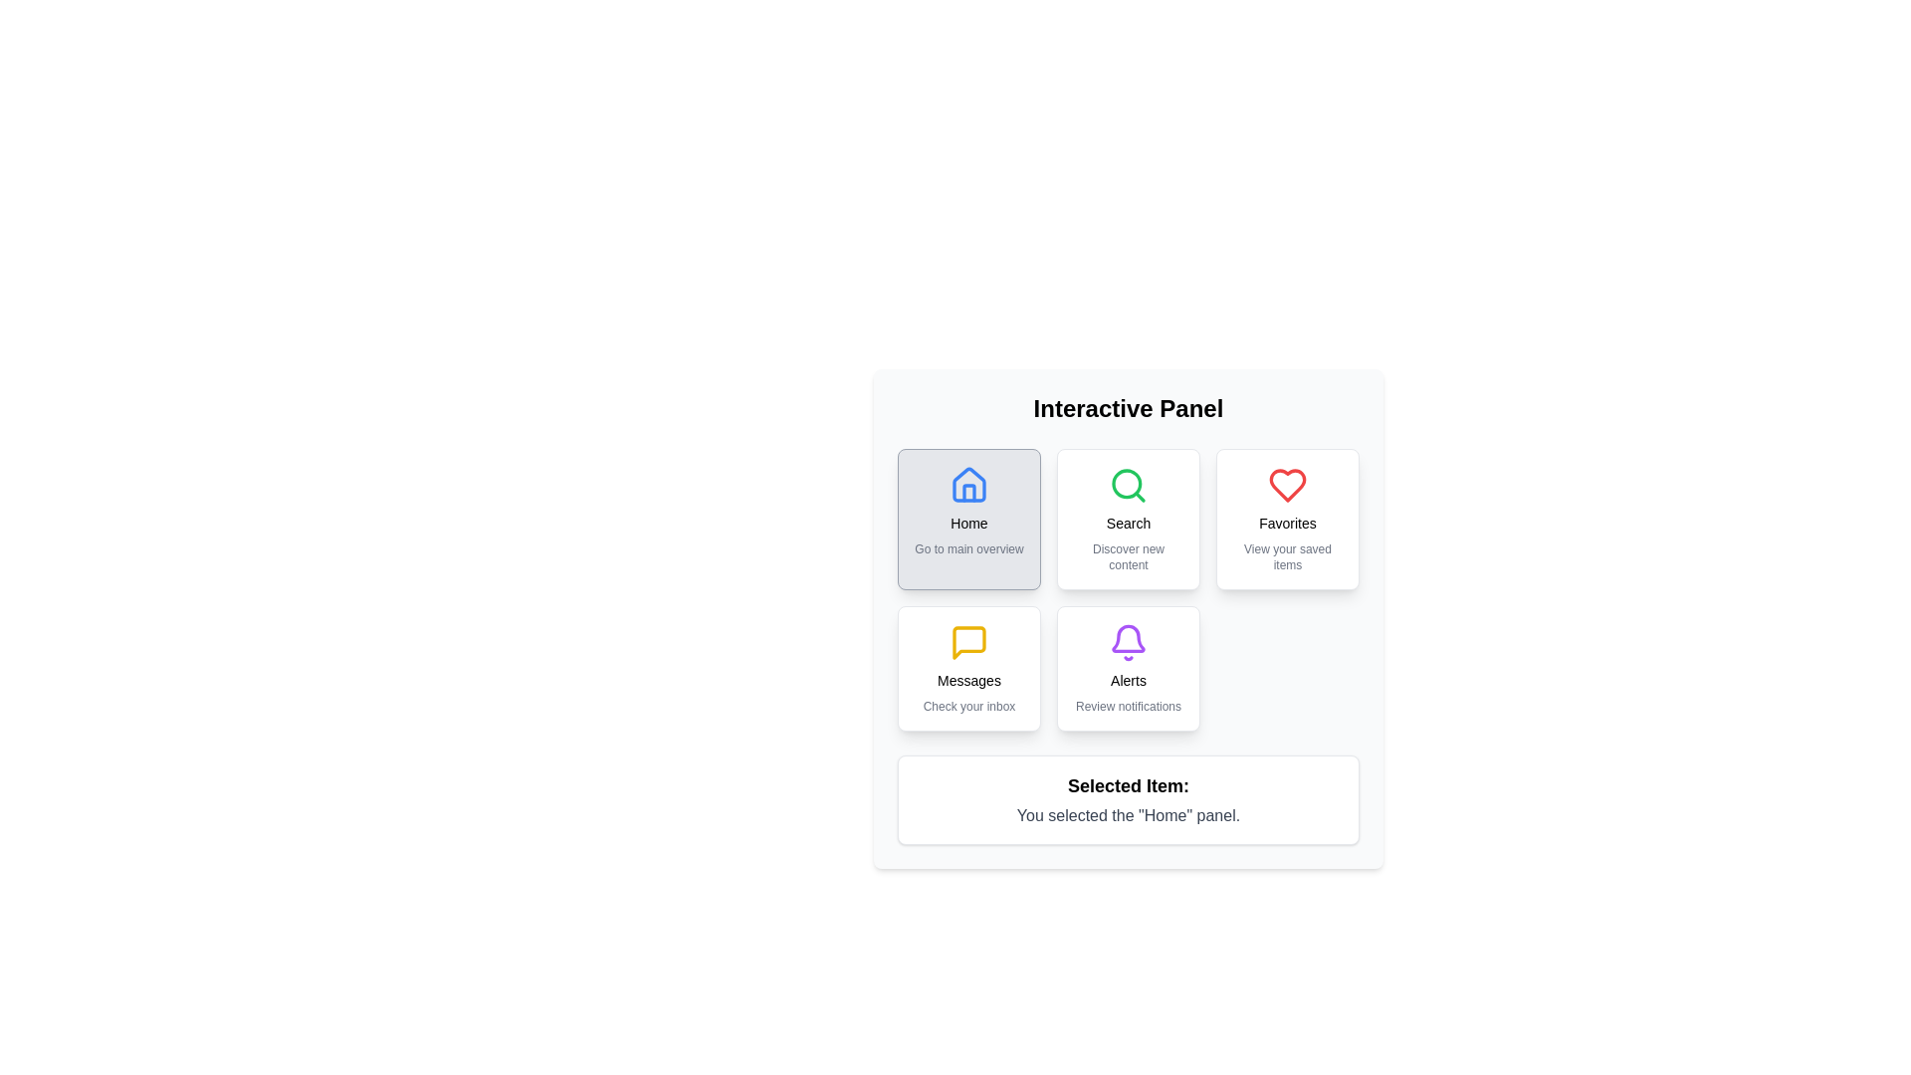  I want to click on the lower outline of the house-shaped icon located under the 'Home' label, so click(969, 493).